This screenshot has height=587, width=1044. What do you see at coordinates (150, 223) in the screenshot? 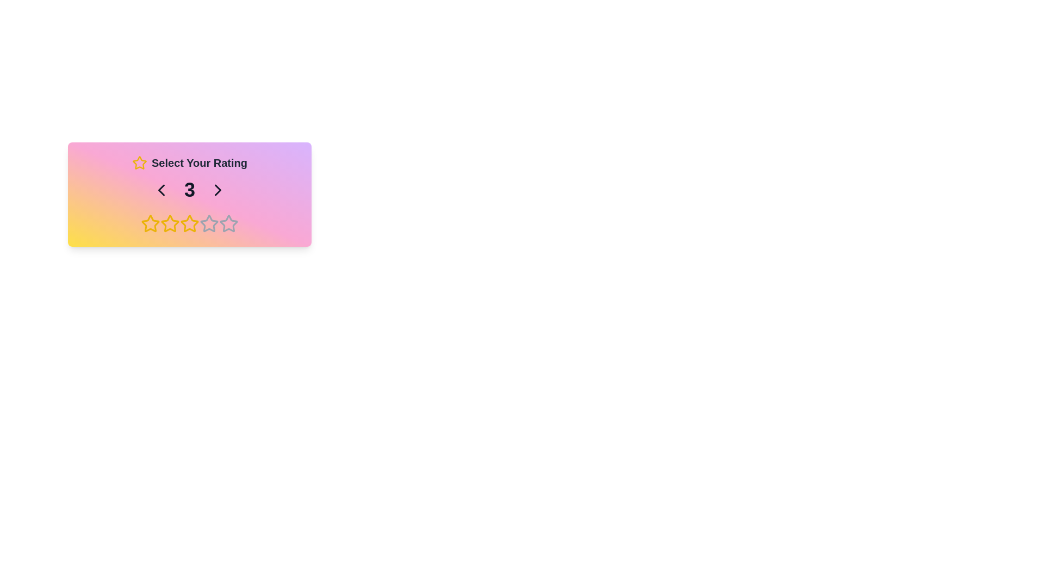
I see `the first rating star icon in the five-star rating system` at bounding box center [150, 223].